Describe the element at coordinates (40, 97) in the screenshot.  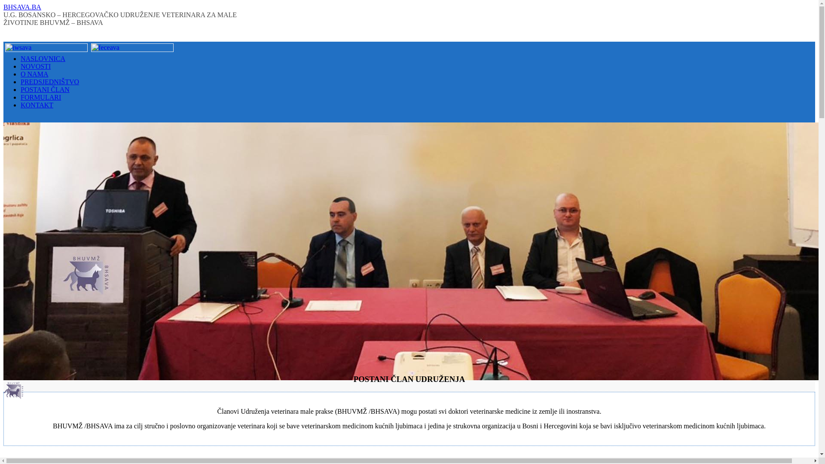
I see `'FORMULARI'` at that location.